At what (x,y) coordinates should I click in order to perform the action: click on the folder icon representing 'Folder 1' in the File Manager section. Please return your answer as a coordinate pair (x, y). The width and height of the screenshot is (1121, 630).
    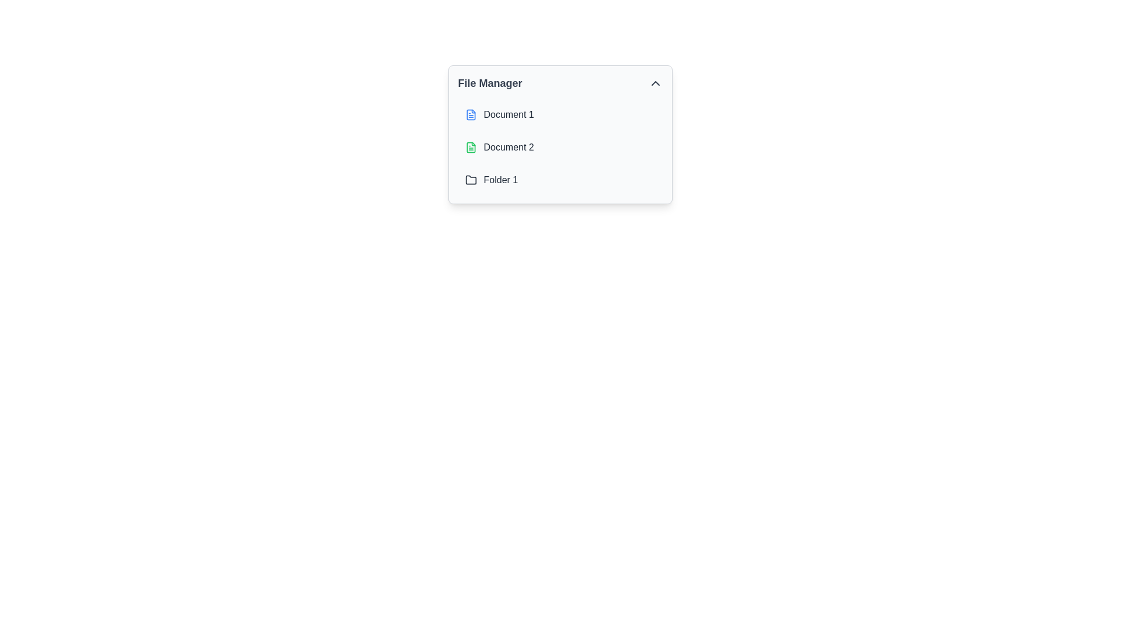
    Looking at the image, I should click on (471, 180).